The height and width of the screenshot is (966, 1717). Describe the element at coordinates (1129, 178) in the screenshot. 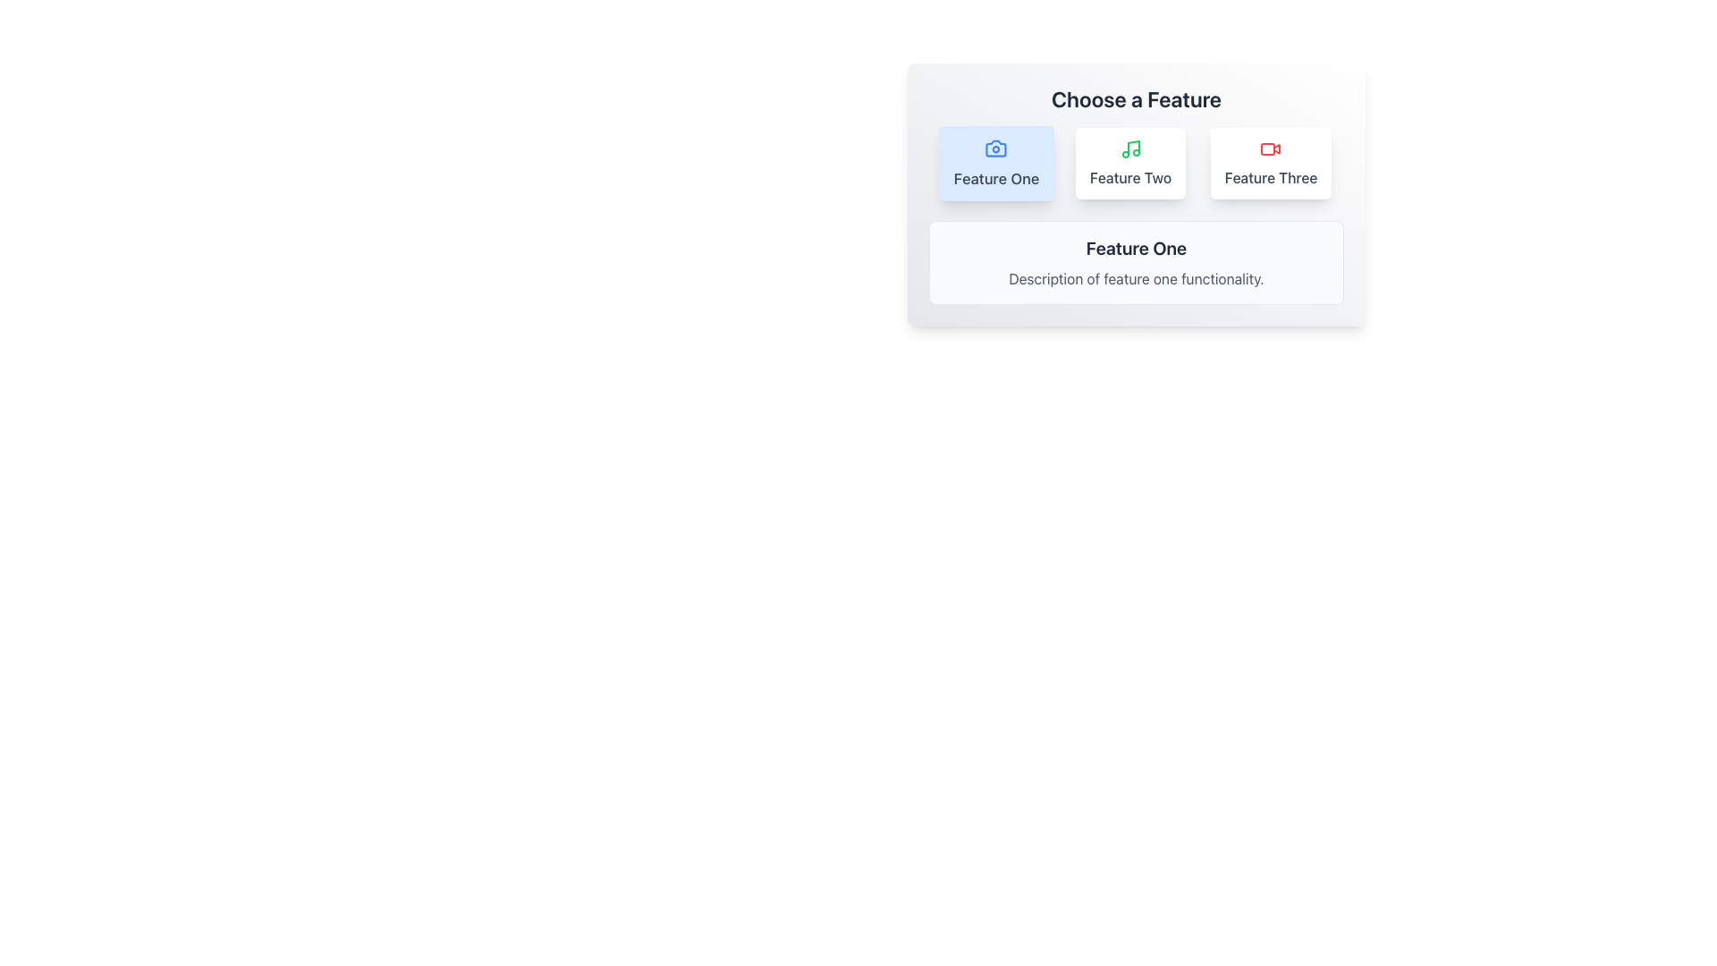

I see `the static text label identifying 'Feature Two', located at the bottom of the second feature card beneath the music icon` at that location.